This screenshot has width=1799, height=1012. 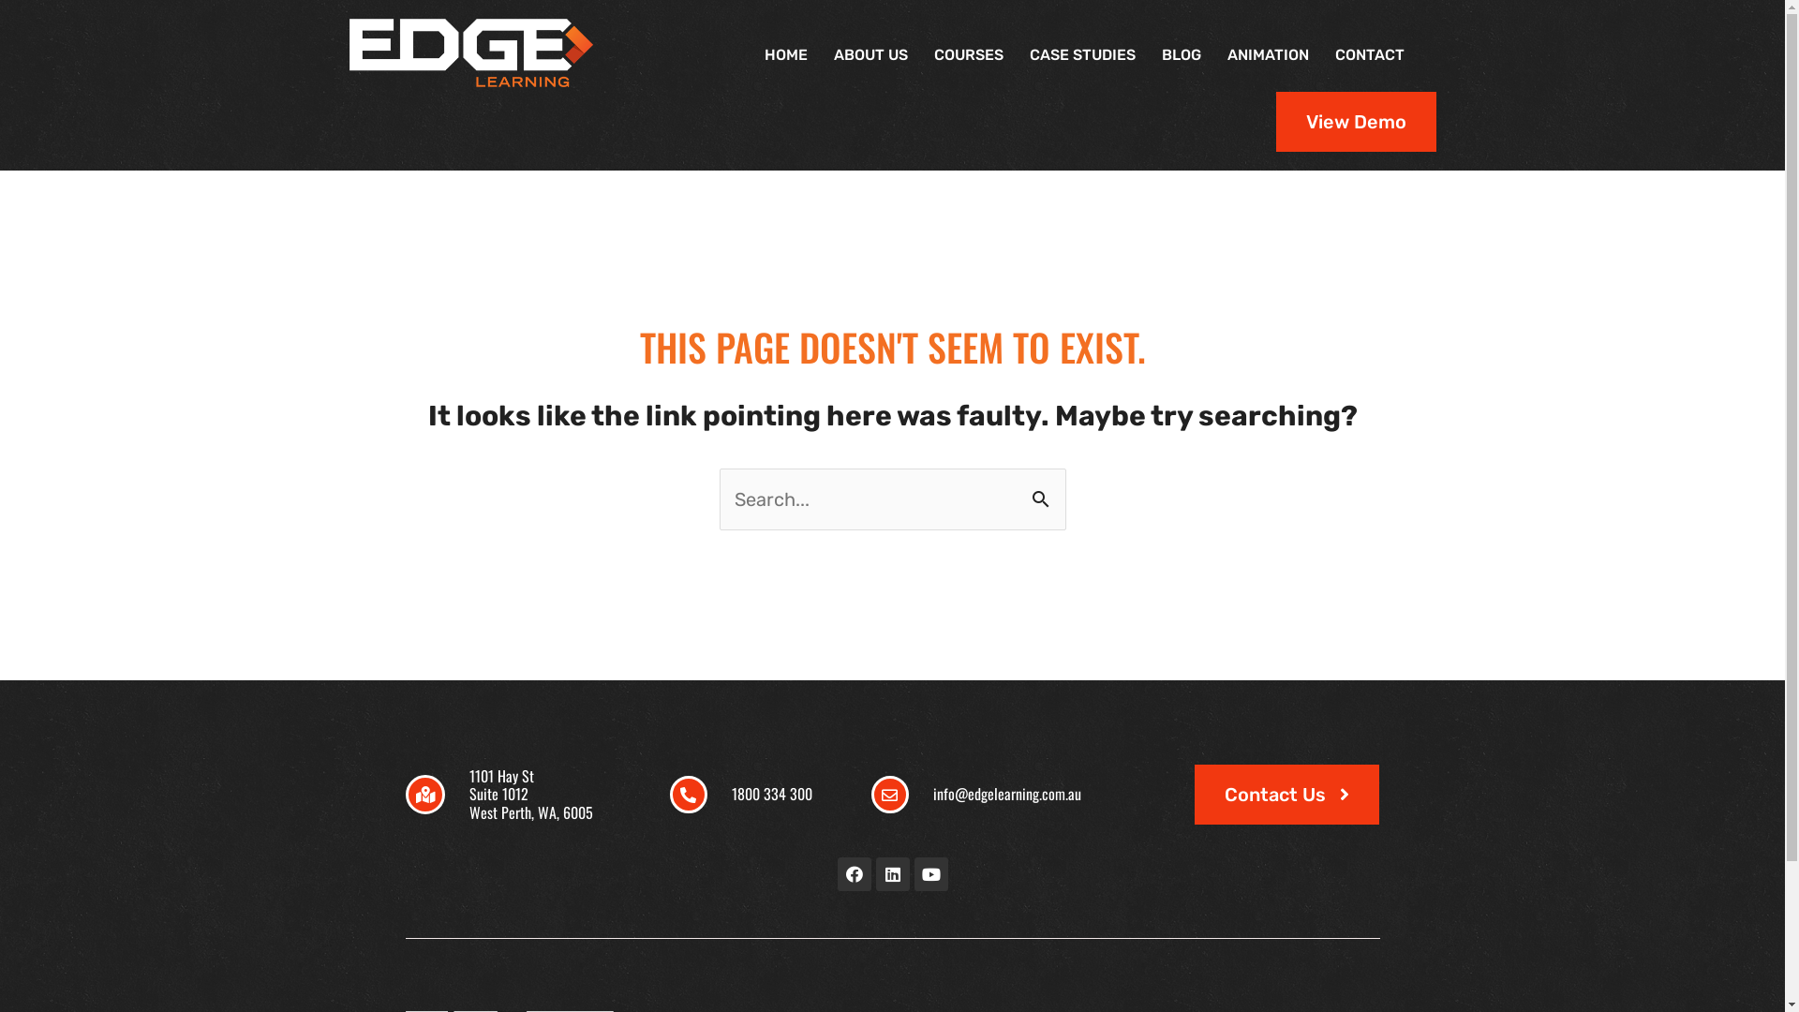 I want to click on 'Contact Us', so click(x=1286, y=795).